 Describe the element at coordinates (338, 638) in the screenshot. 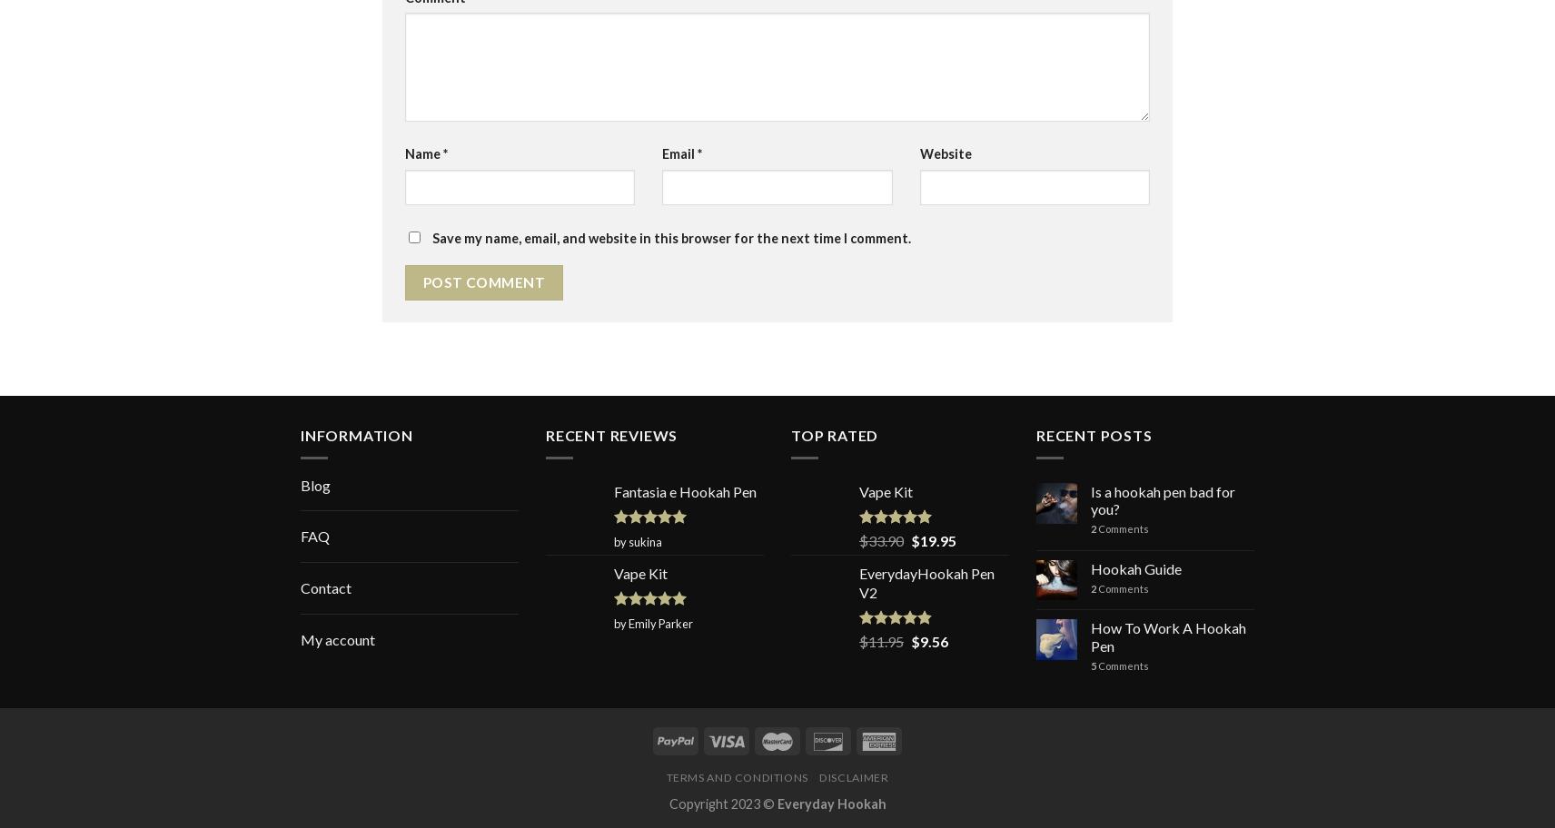

I see `'My account'` at that location.